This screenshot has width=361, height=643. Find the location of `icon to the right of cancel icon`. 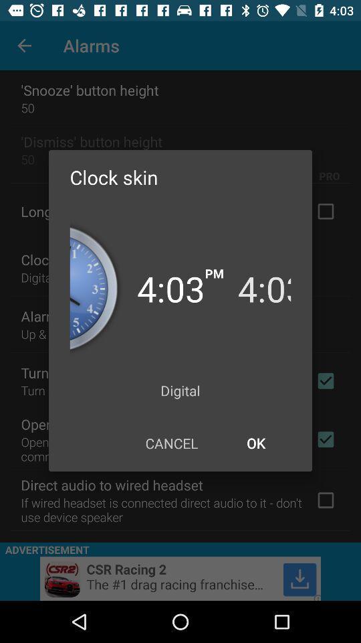

icon to the right of cancel icon is located at coordinates (255, 443).